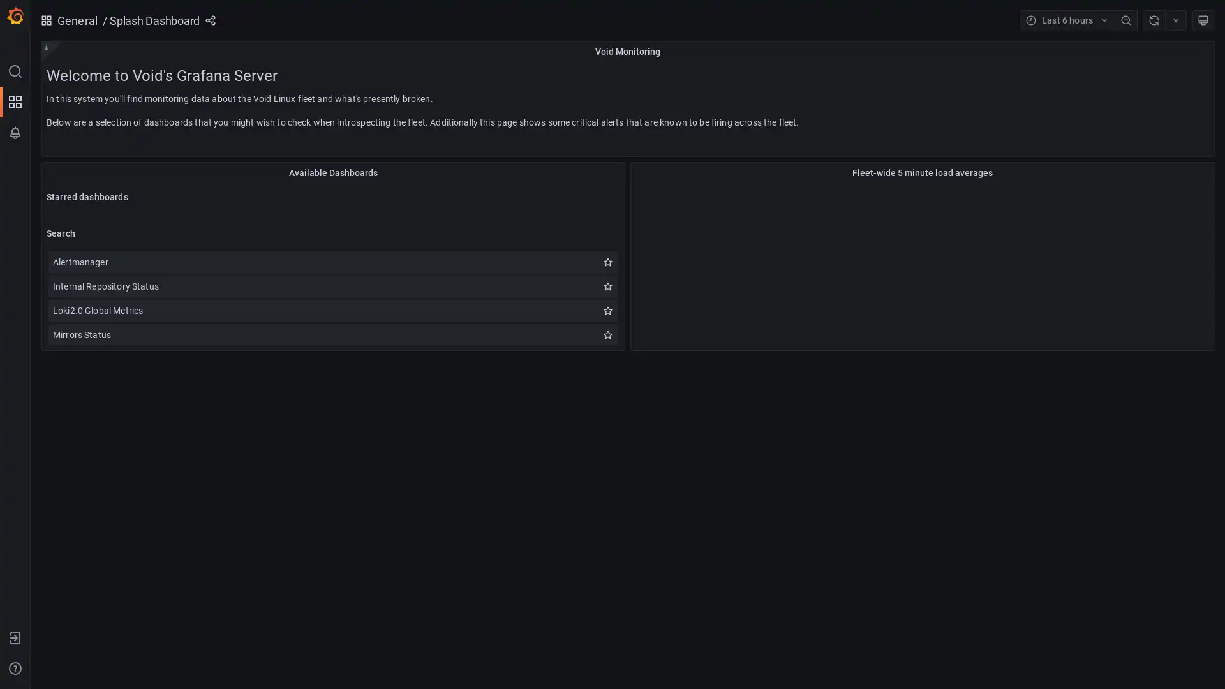 This screenshot has height=689, width=1225. I want to click on Share dashboard or panel, so click(211, 20).